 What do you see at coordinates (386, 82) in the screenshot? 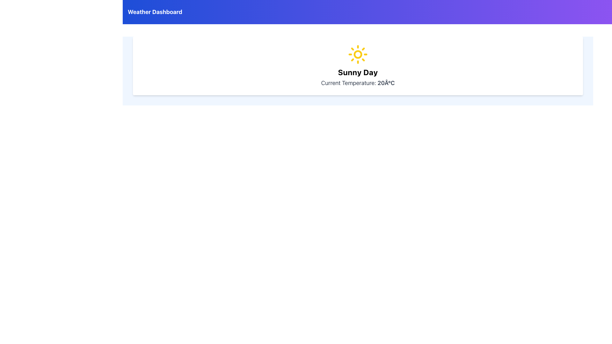
I see `the static text displaying the current temperature value in degrees Celsius, located at the end of the line labeled 'Current Temperature:'` at bounding box center [386, 82].